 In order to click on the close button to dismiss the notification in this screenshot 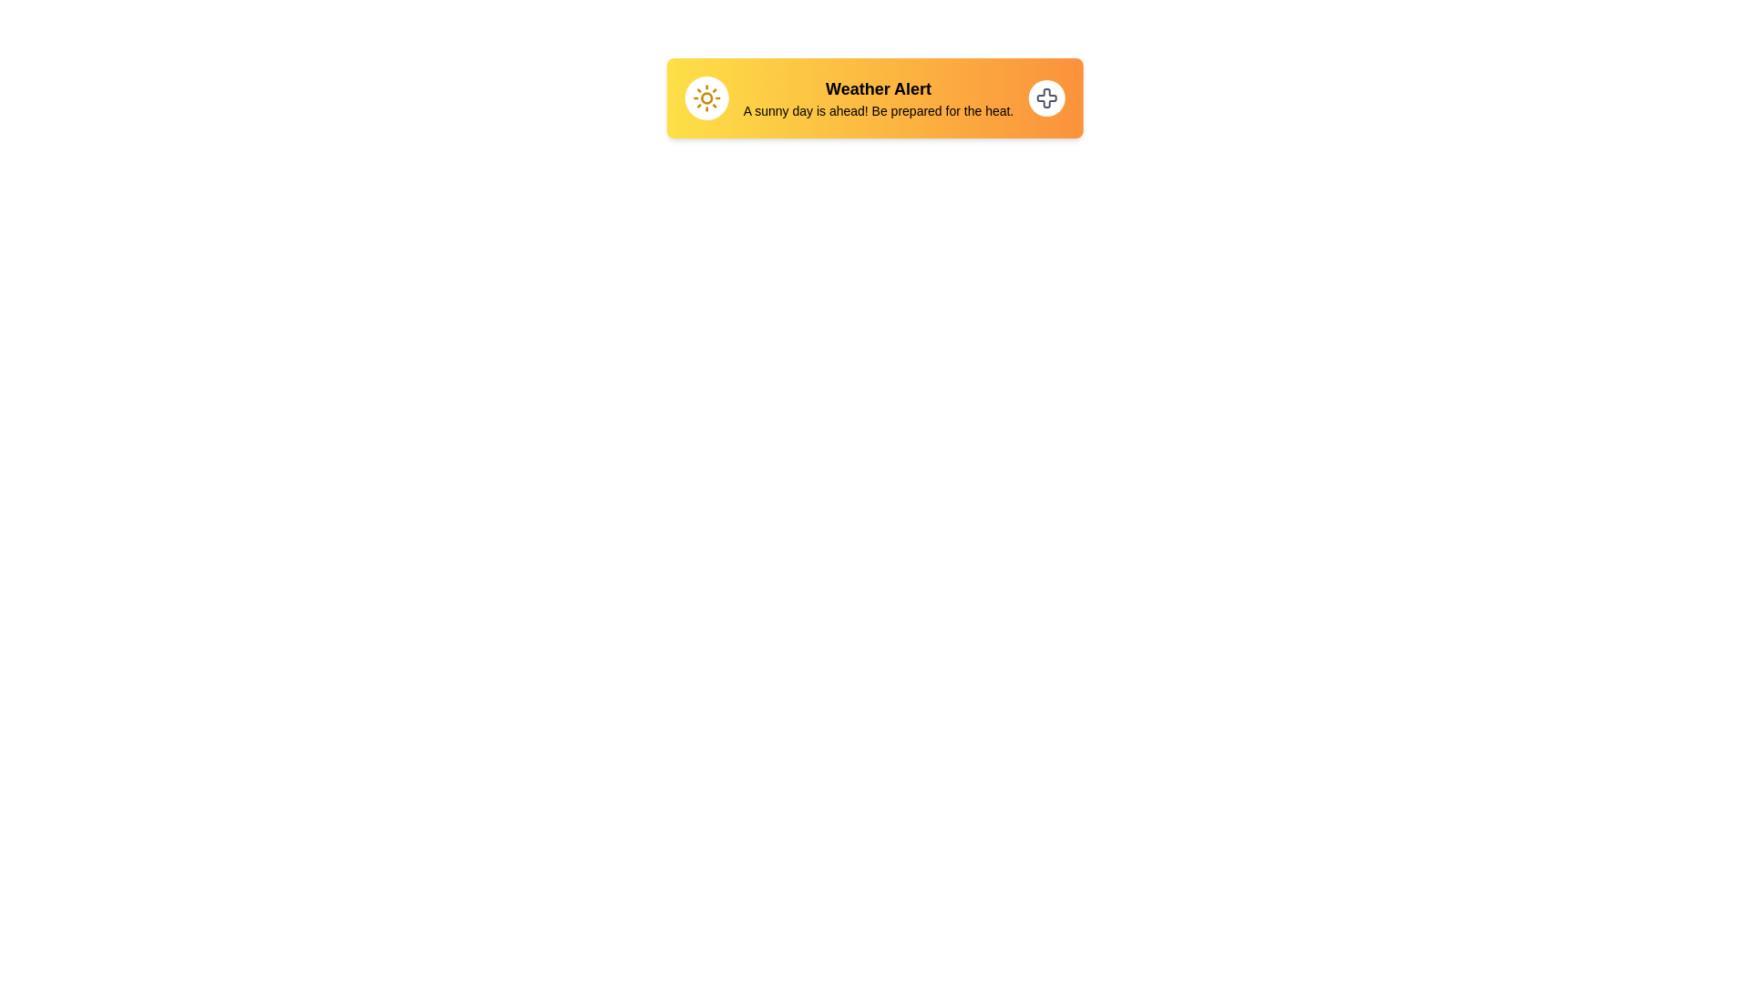, I will do `click(1046, 98)`.